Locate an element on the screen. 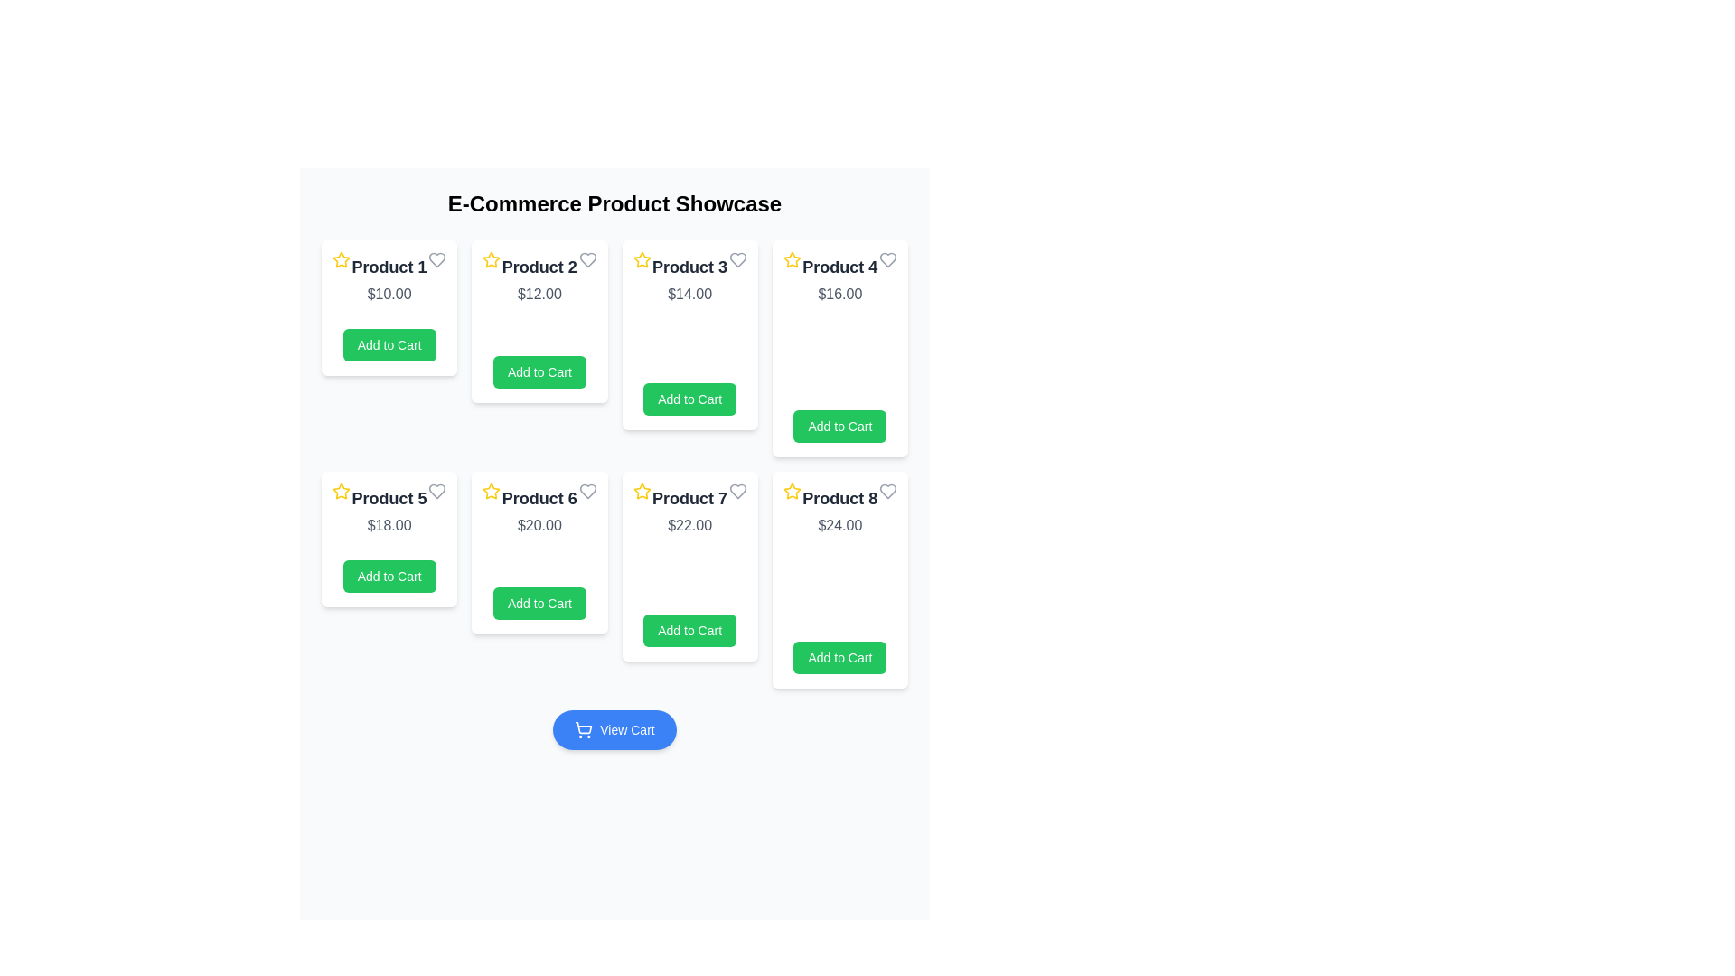 The image size is (1735, 976). the favorite icon located in the top-right corner of the 'Product 6' card to favorite the product is located at coordinates (587, 491).